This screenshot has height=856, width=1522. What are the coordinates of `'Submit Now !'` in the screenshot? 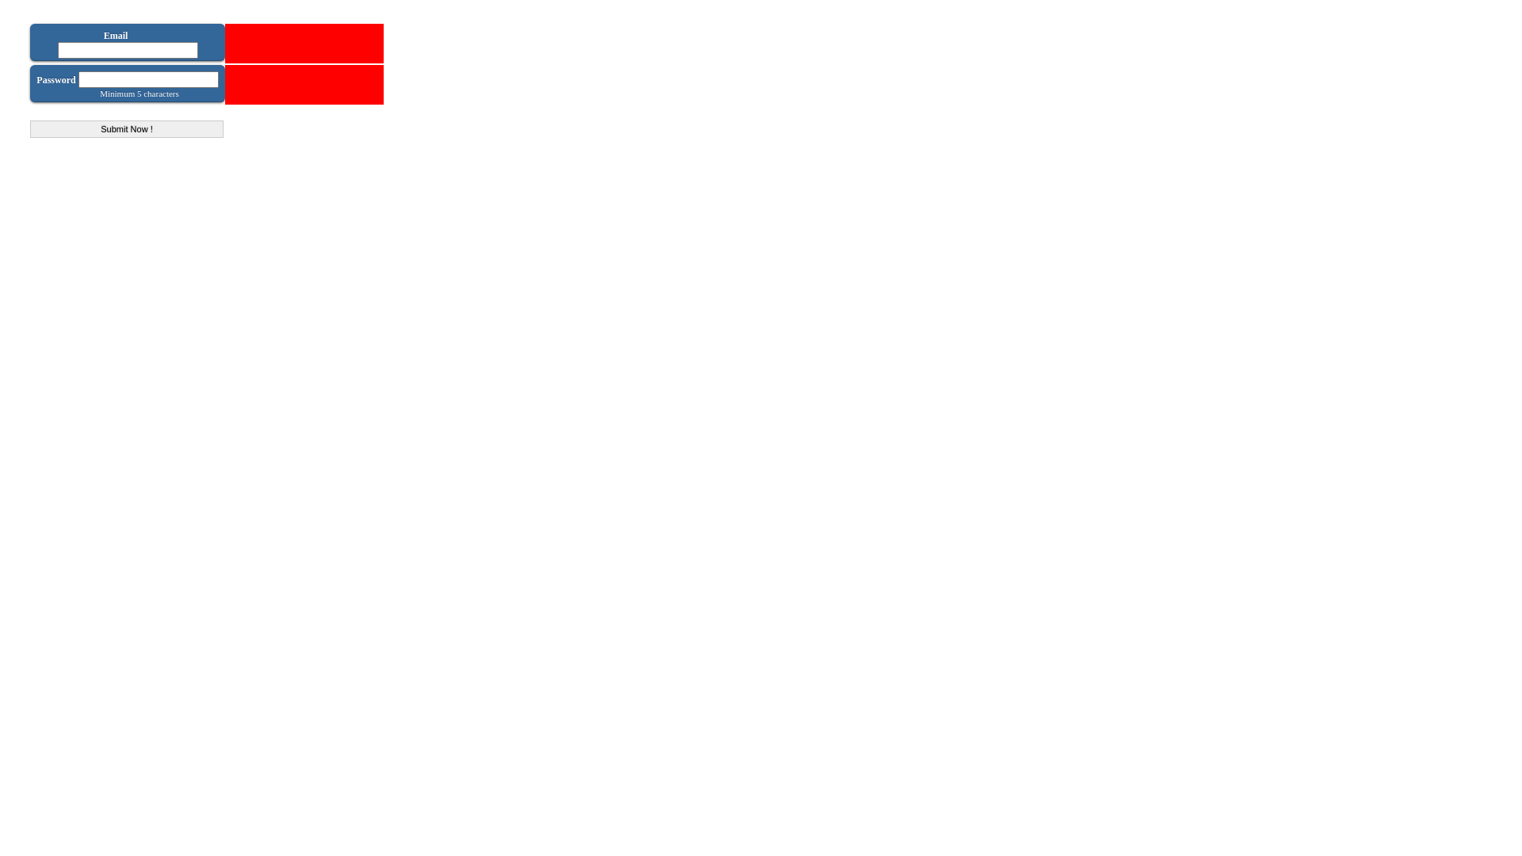 It's located at (125, 128).